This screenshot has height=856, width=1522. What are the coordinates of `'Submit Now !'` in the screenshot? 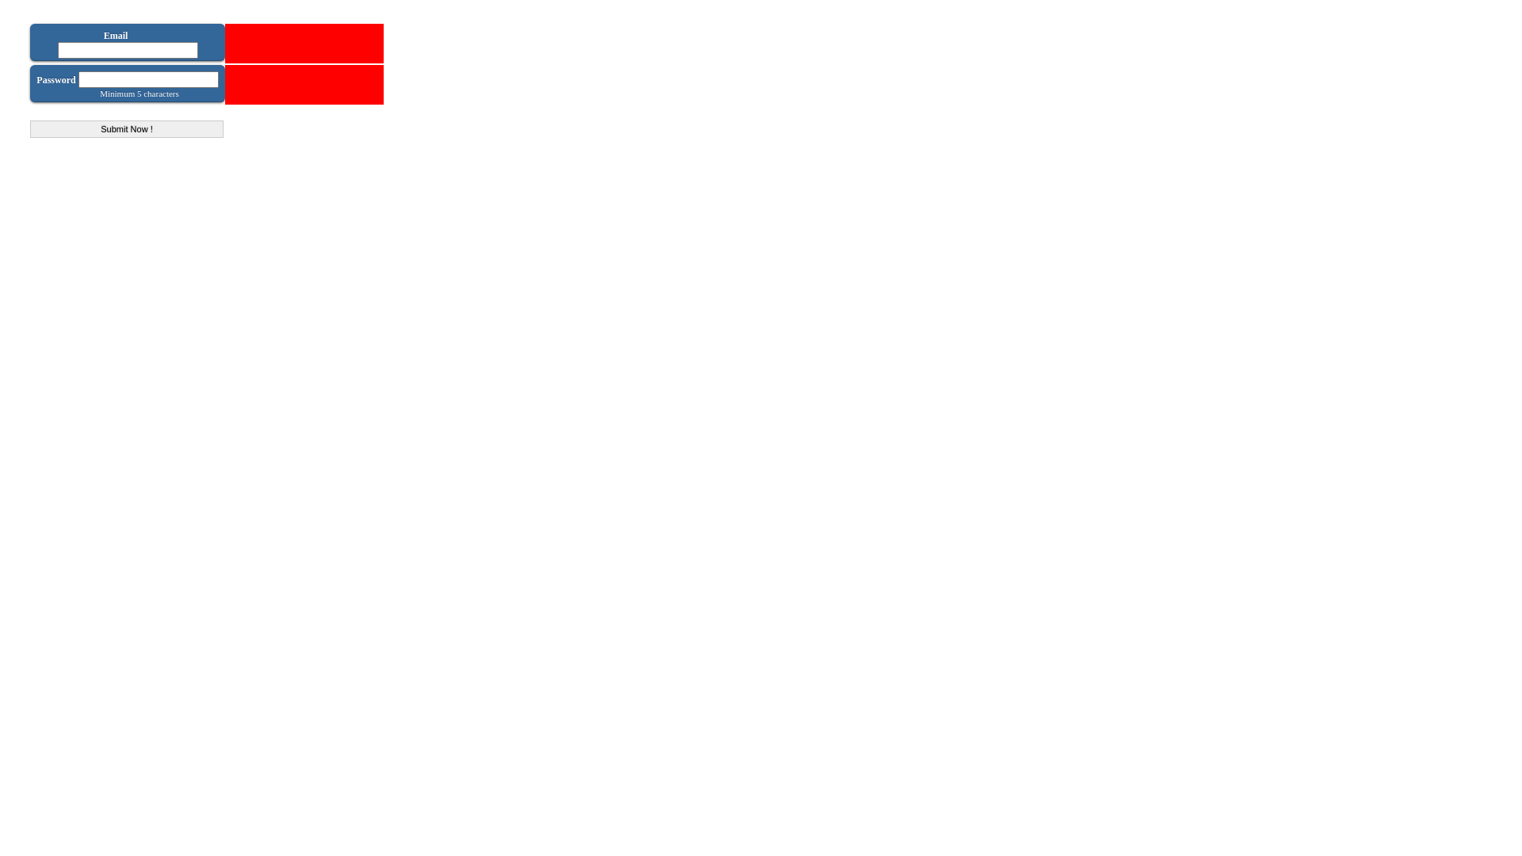 It's located at (125, 128).